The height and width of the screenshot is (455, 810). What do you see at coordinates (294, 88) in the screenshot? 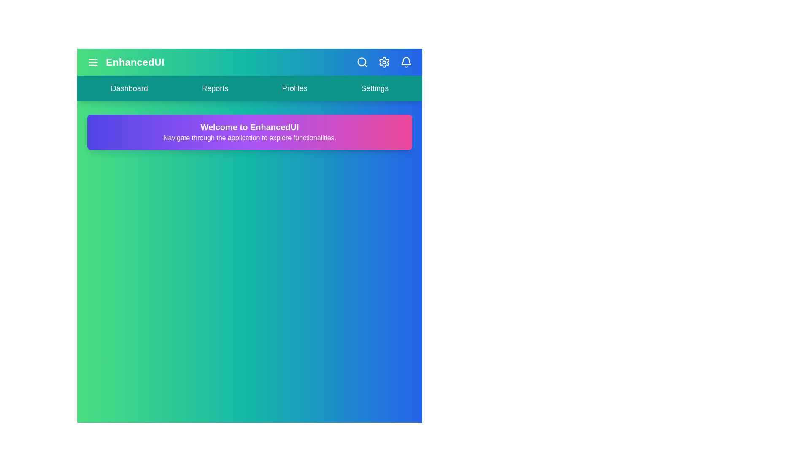
I see `the navigation link labeled 'Profiles' to preview its hover effect` at bounding box center [294, 88].